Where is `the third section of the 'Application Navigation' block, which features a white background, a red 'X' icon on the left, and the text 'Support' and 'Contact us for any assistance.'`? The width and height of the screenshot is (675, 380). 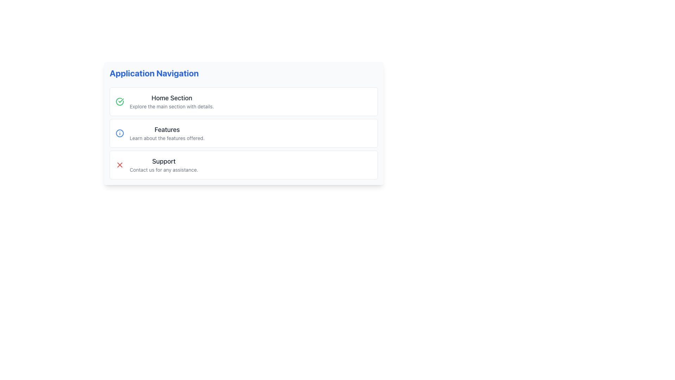 the third section of the 'Application Navigation' block, which features a white background, a red 'X' icon on the left, and the text 'Support' and 'Contact us for any assistance.' is located at coordinates (244, 165).